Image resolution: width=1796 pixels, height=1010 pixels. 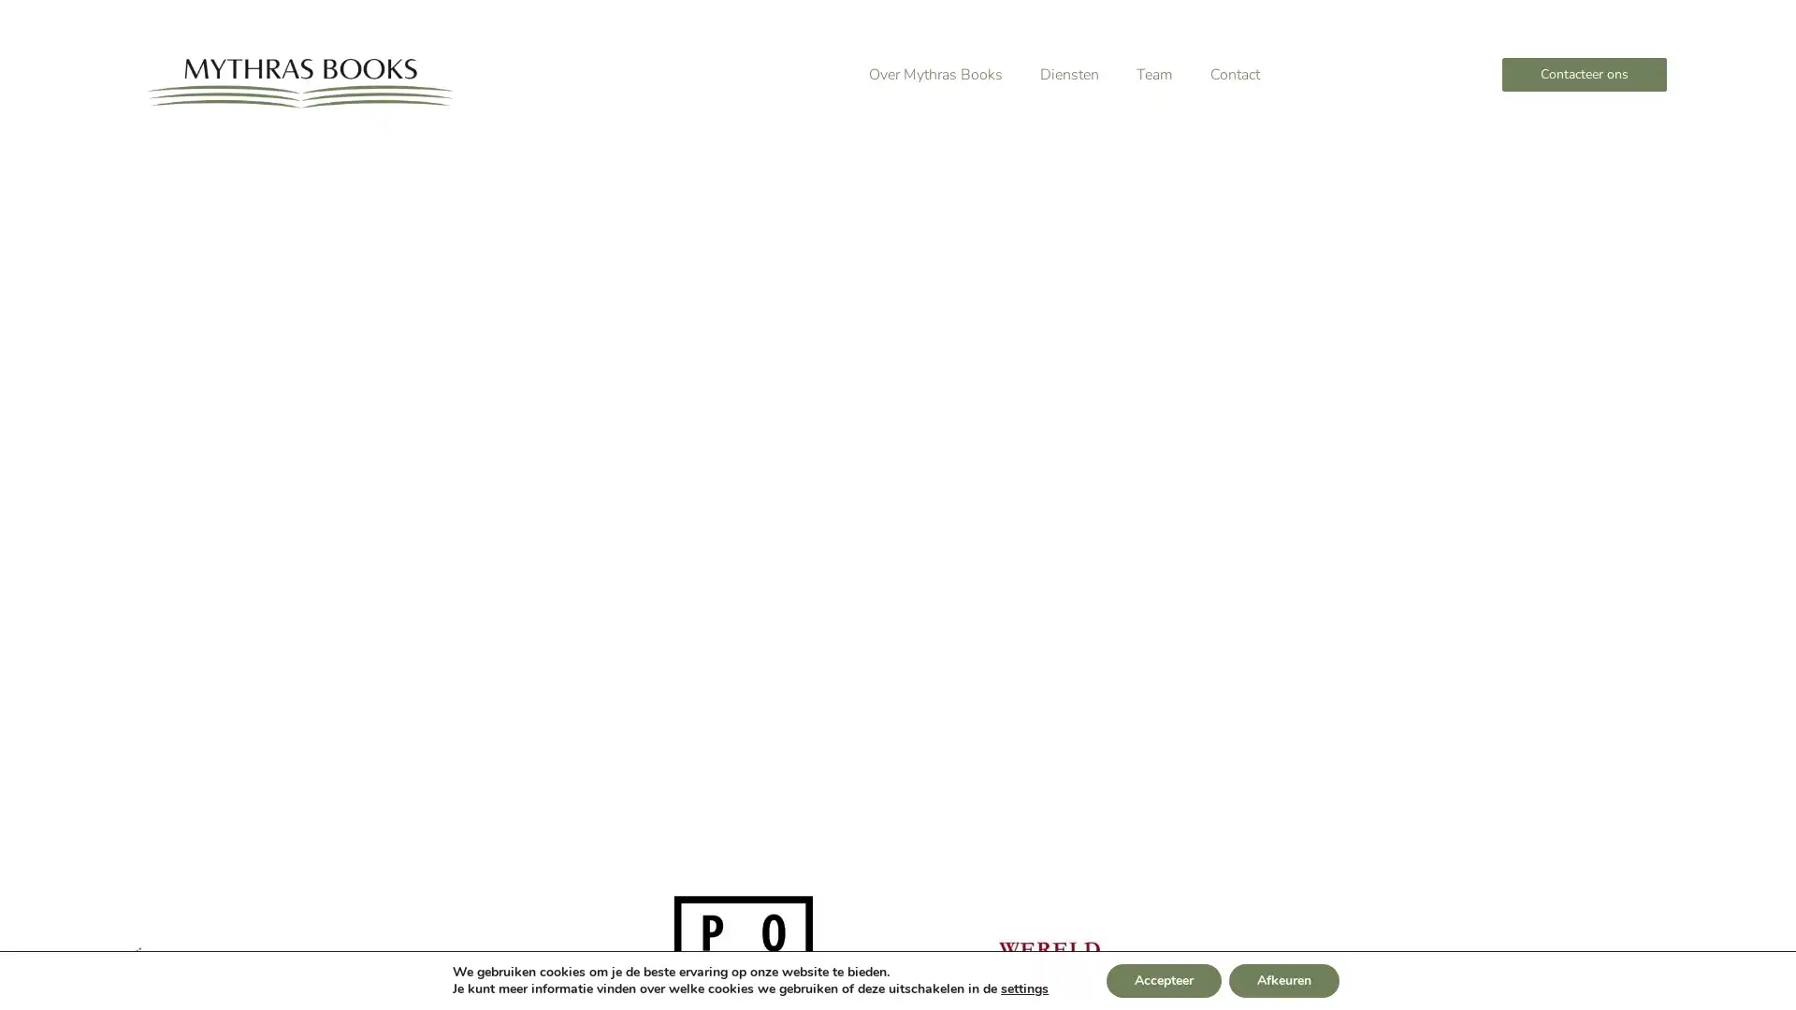 What do you see at coordinates (433, 519) in the screenshot?
I see `Neem contact op` at bounding box center [433, 519].